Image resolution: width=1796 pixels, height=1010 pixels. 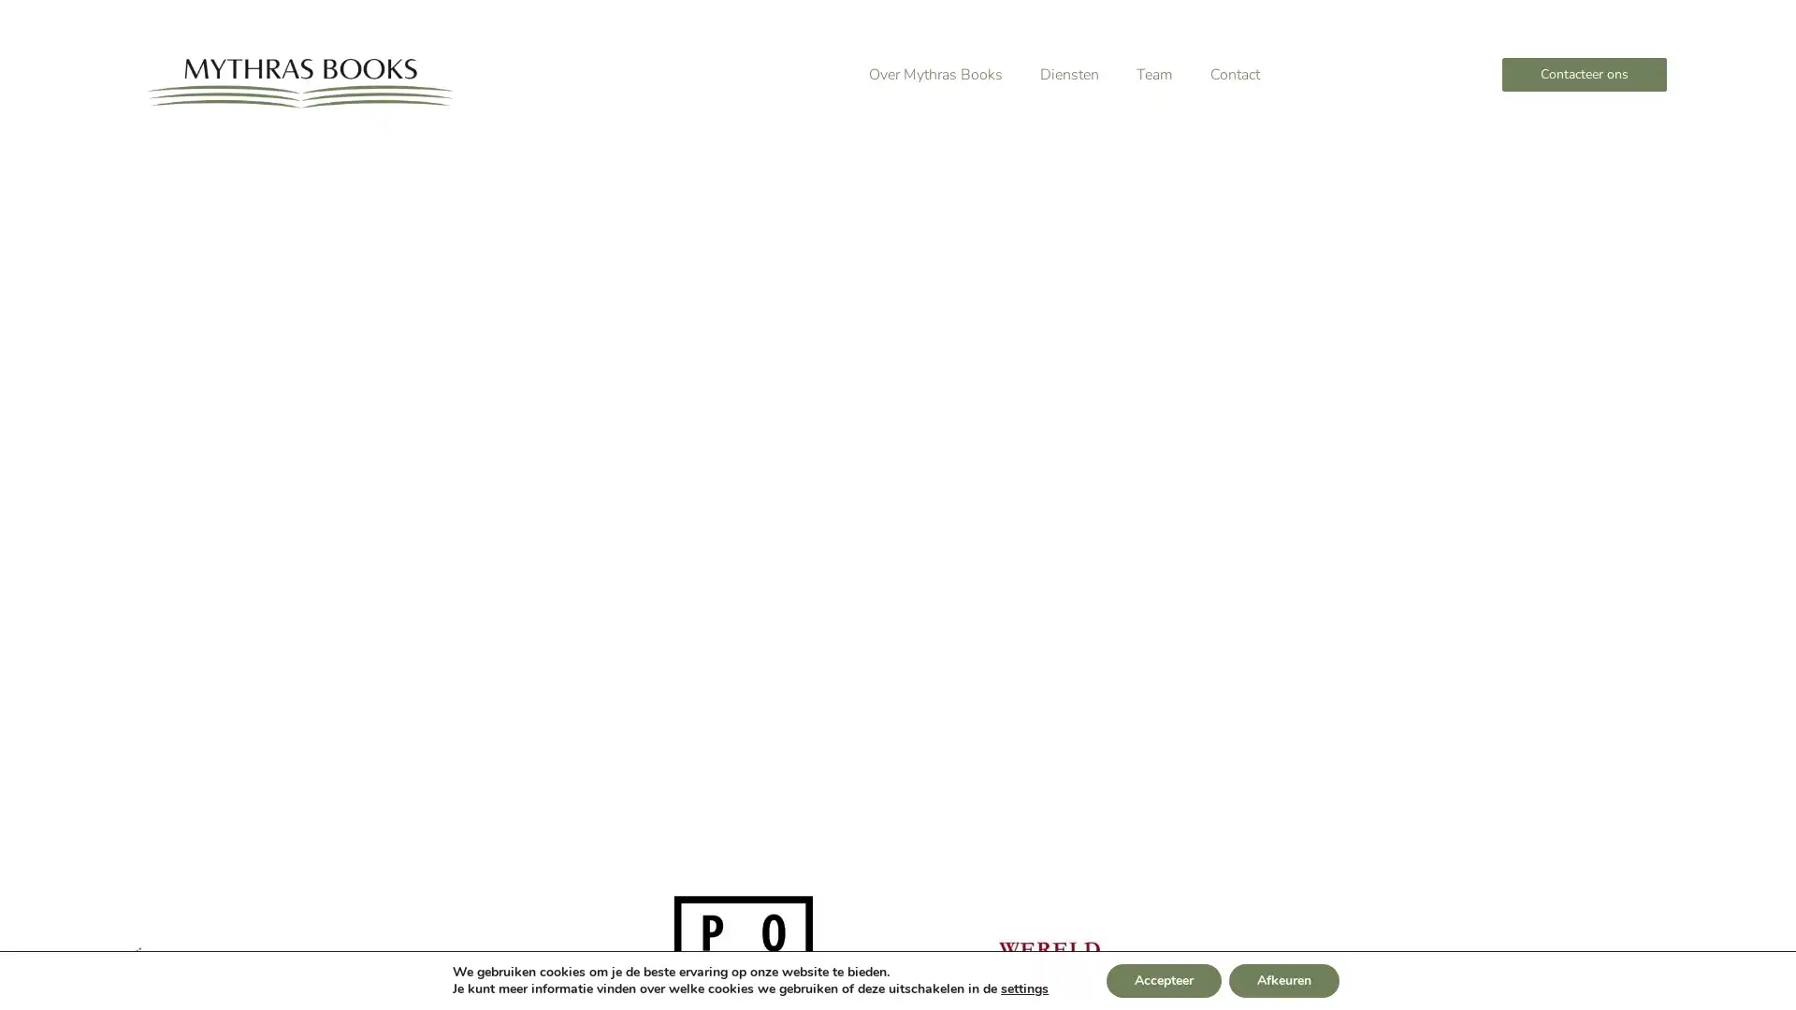 What do you see at coordinates (433, 519) in the screenshot?
I see `Neem contact op` at bounding box center [433, 519].